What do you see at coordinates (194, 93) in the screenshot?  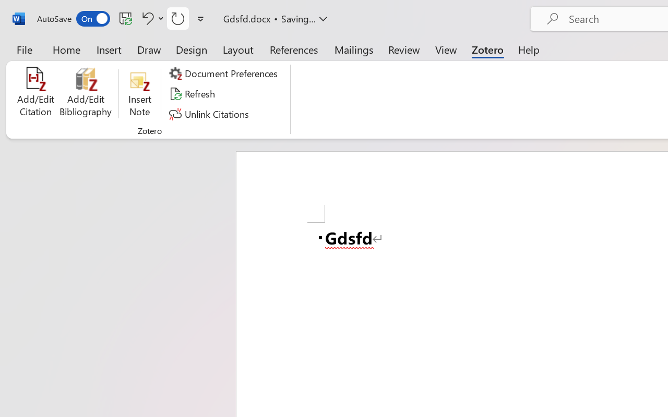 I see `'Refresh'` at bounding box center [194, 93].